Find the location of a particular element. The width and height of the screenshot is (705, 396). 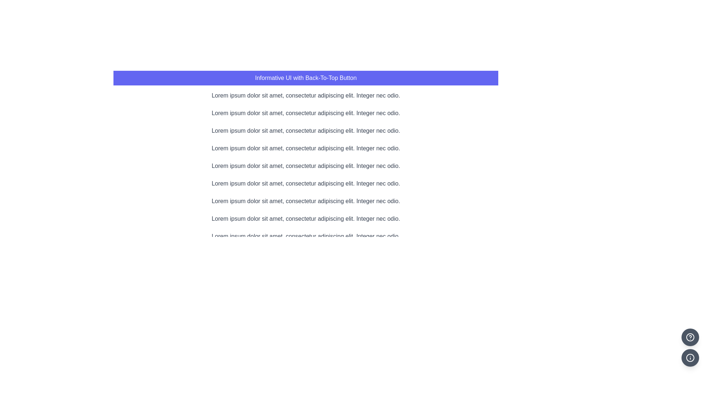

the prominent horizontal banner with a purple background and white text that reads 'Informative UI with Back-To-Top Button' is located at coordinates (306, 78).